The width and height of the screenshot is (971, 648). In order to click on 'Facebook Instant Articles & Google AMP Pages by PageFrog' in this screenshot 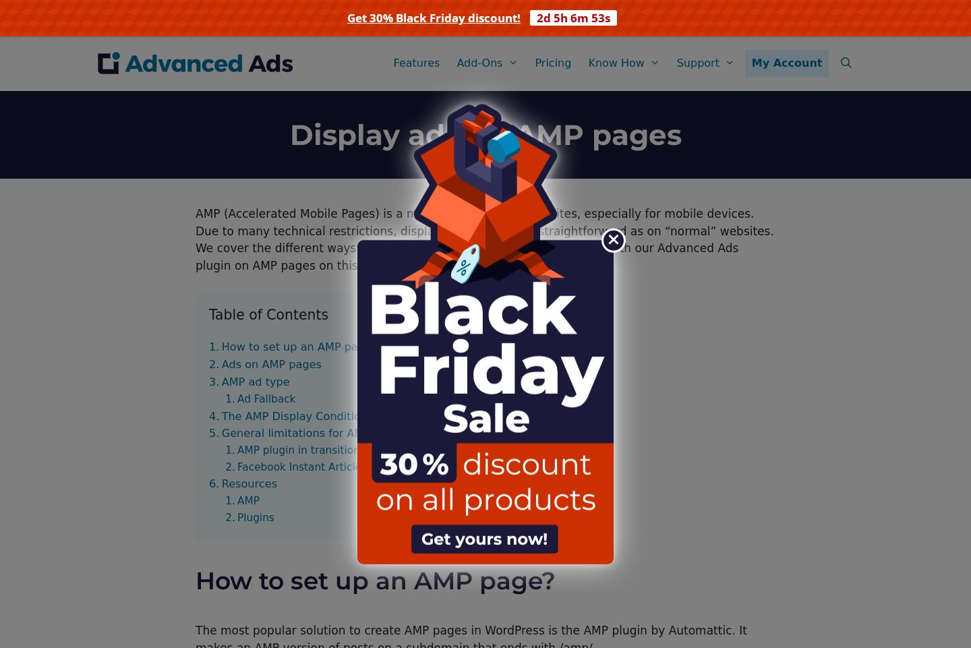, I will do `click(390, 466)`.